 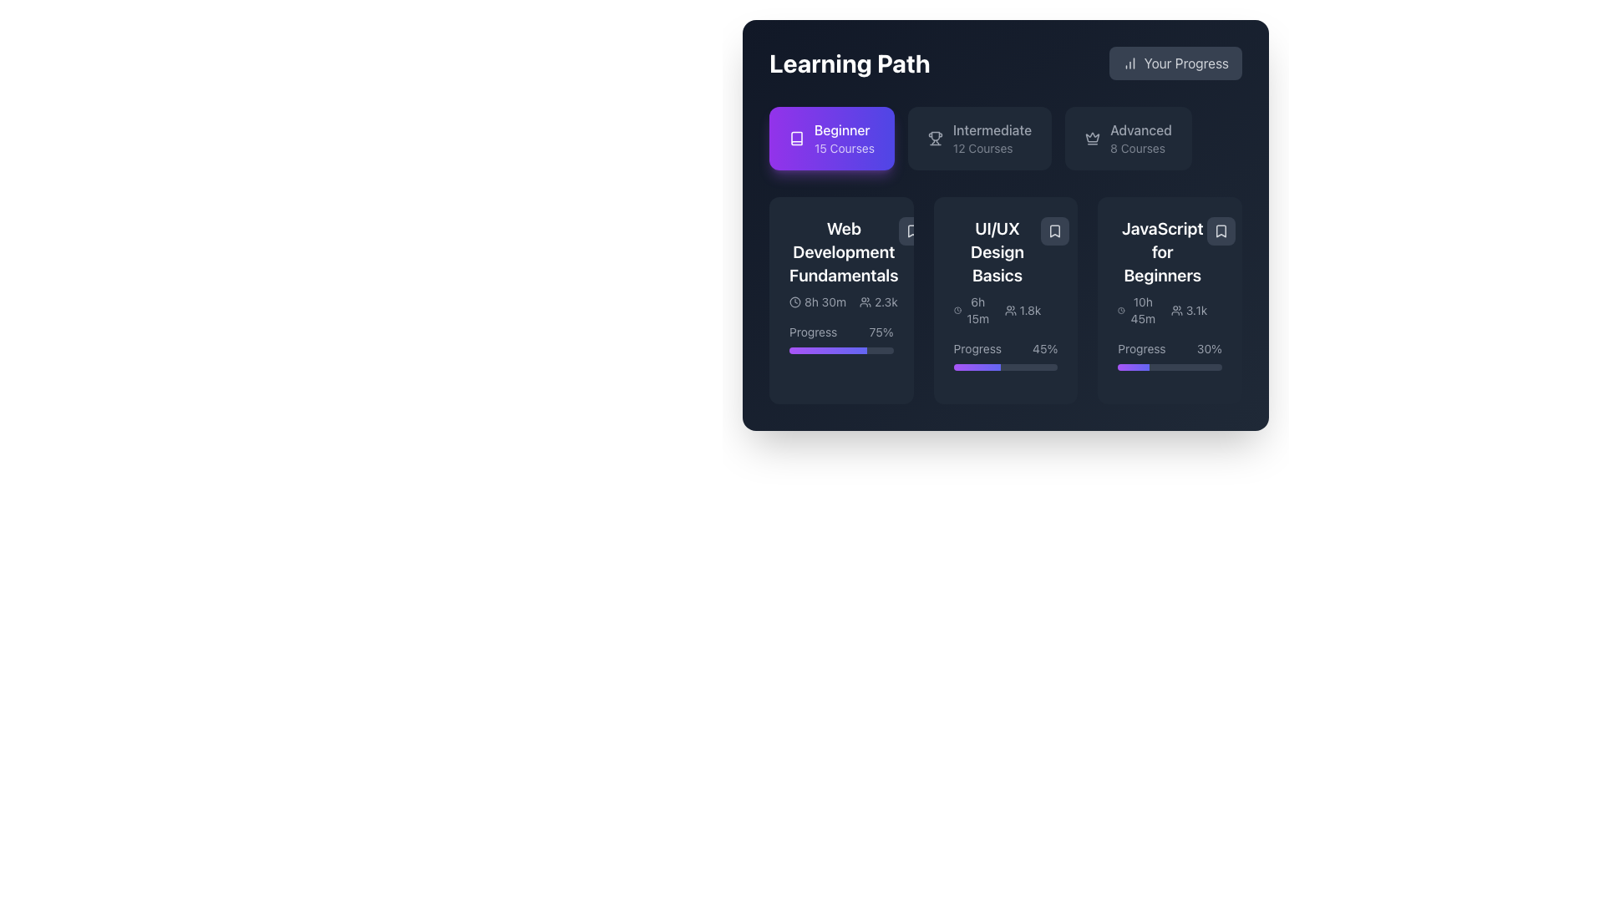 I want to click on the small rectangular button with rounded corners, styled in dark gray with a lighter gray bookmark icon, located at the top-right corner of the 'Web Development Fundamentals' card to interact, so click(x=911, y=231).